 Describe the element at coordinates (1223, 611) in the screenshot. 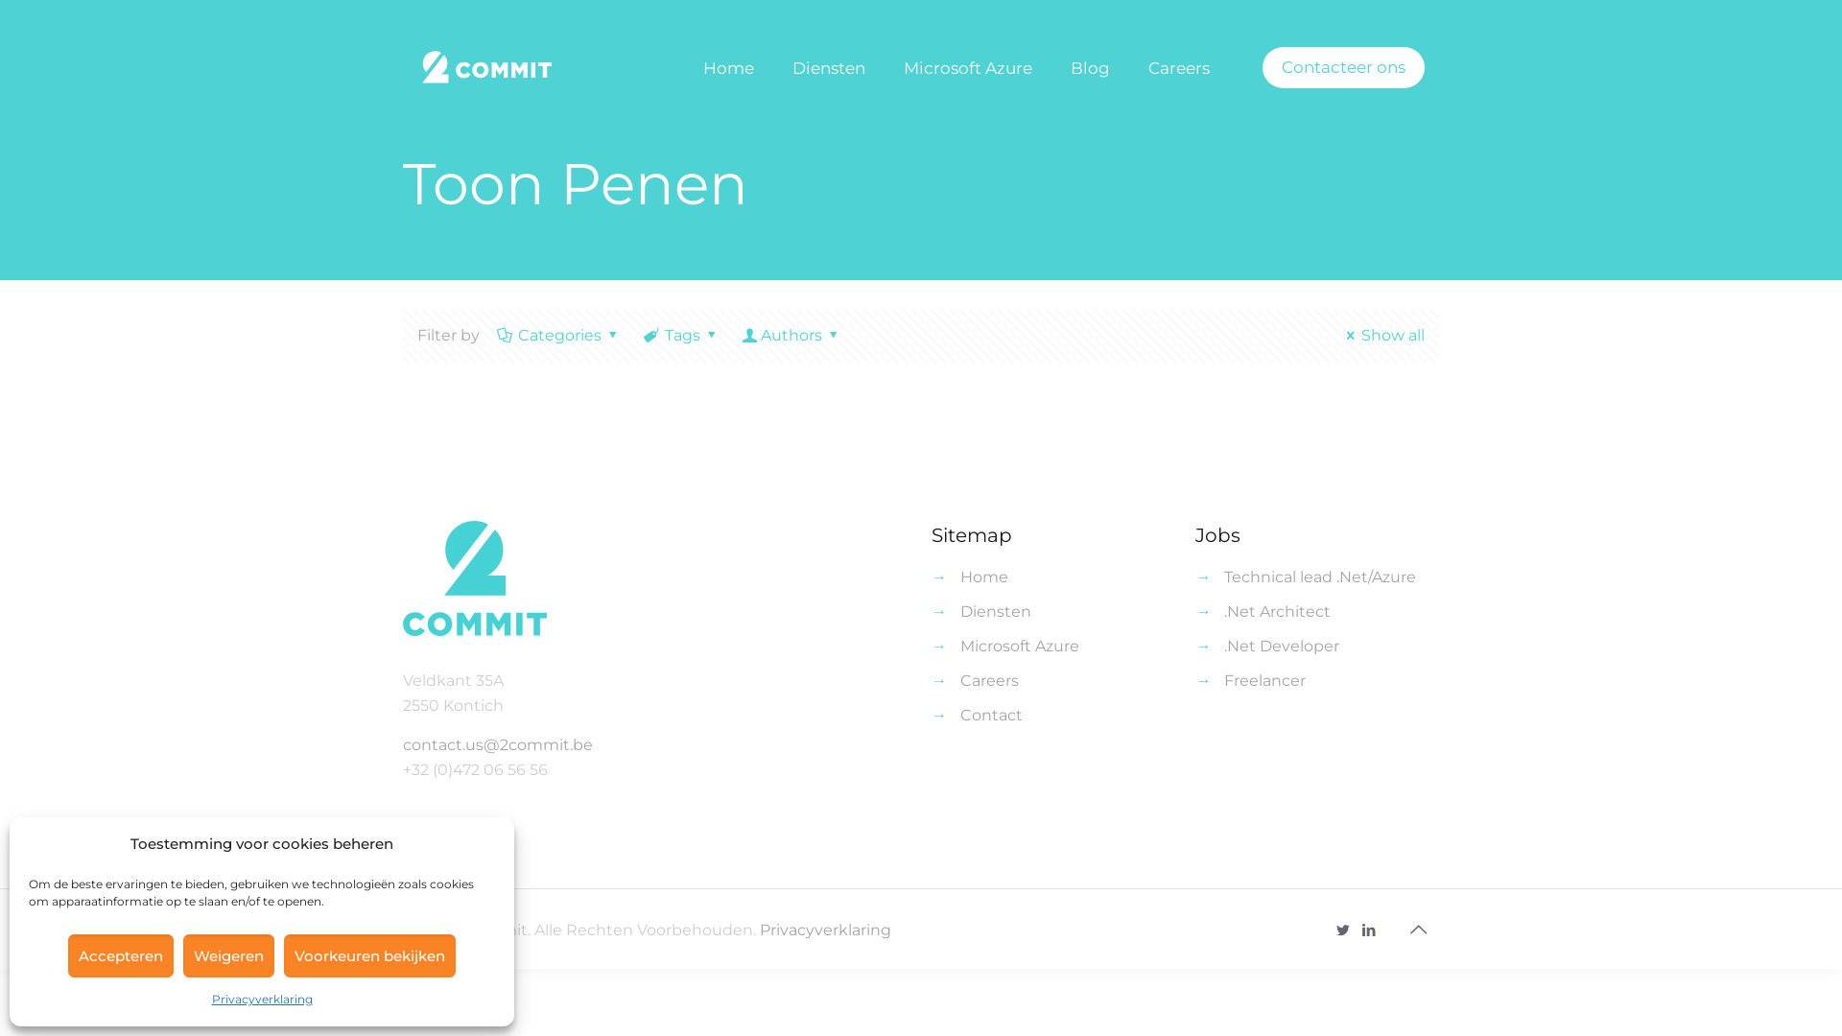

I see `'.Net Architect'` at that location.